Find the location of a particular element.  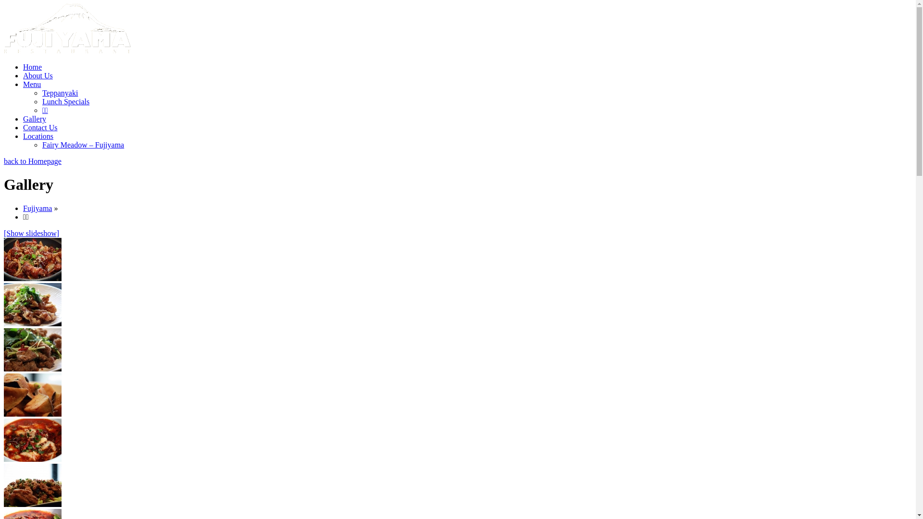

'Deep-Fried-Spicy-Beef' is located at coordinates (32, 350).